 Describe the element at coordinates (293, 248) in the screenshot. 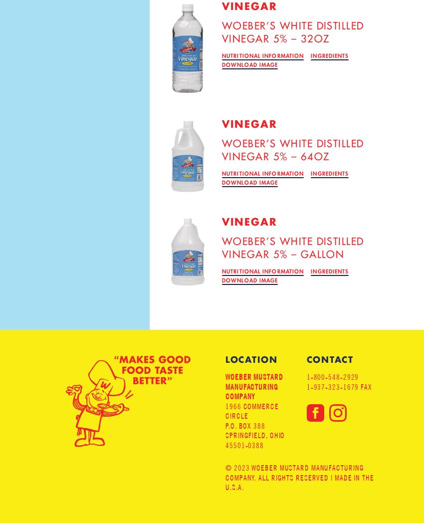

I see `'WOEBER’S WHITE DISTILLED VINEGAR 5% – GALLON'` at that location.